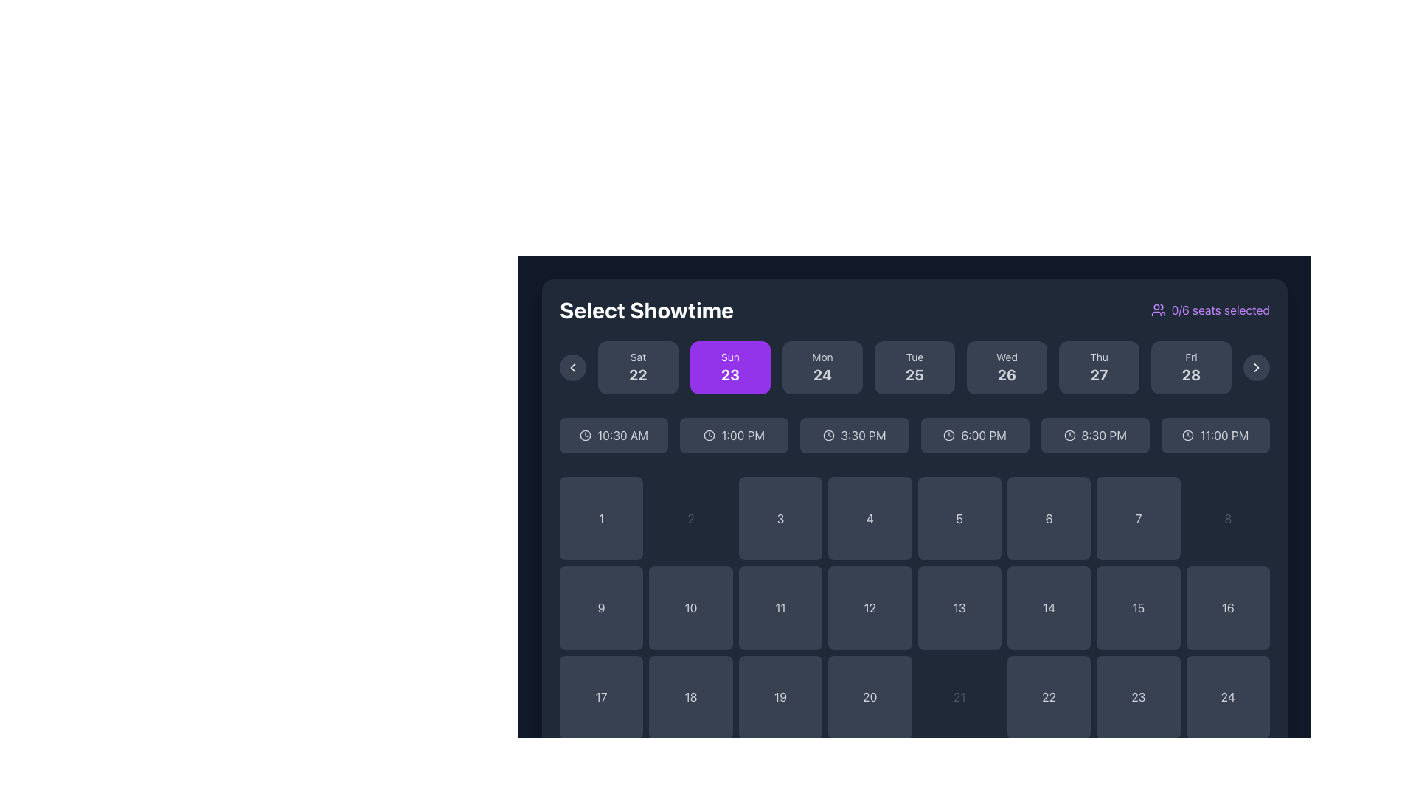 The width and height of the screenshot is (1416, 796). What do you see at coordinates (780, 696) in the screenshot?
I see `the square-shaped button displaying the number '19' with a dark gray background` at bounding box center [780, 696].